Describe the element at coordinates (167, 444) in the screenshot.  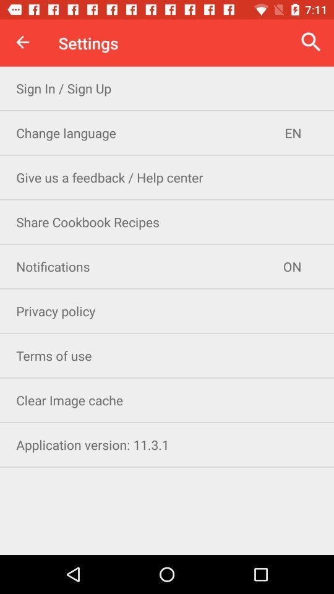
I see `application version 11 icon` at that location.